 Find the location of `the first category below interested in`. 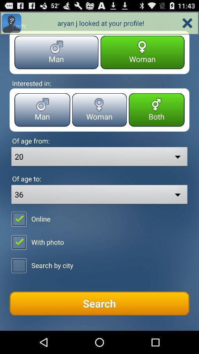

the first category below interested in is located at coordinates (42, 110).